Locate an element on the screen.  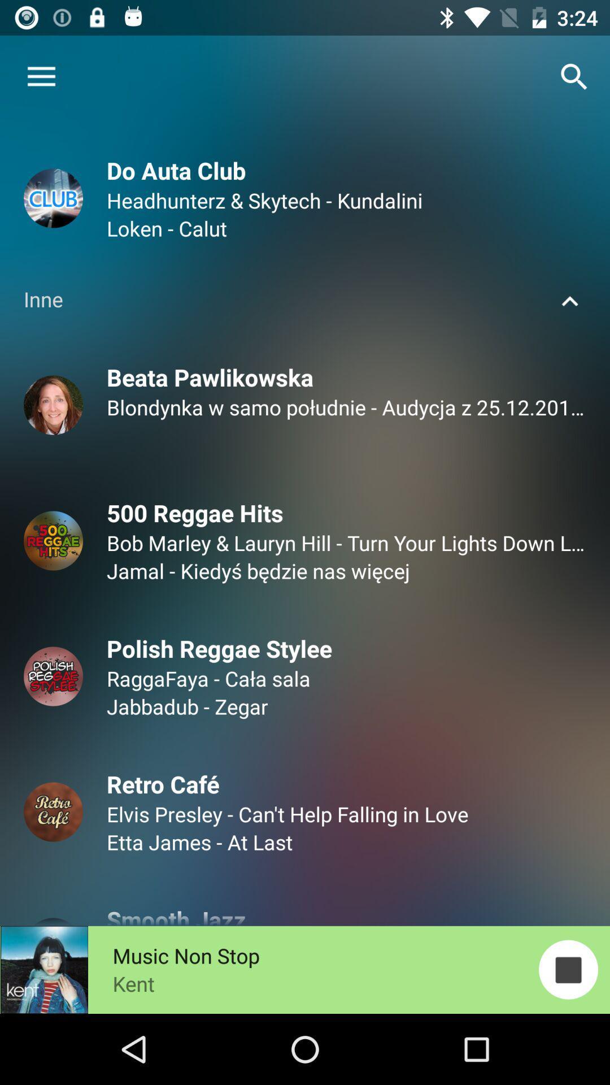
the second option  icon under inne is located at coordinates (53, 540).